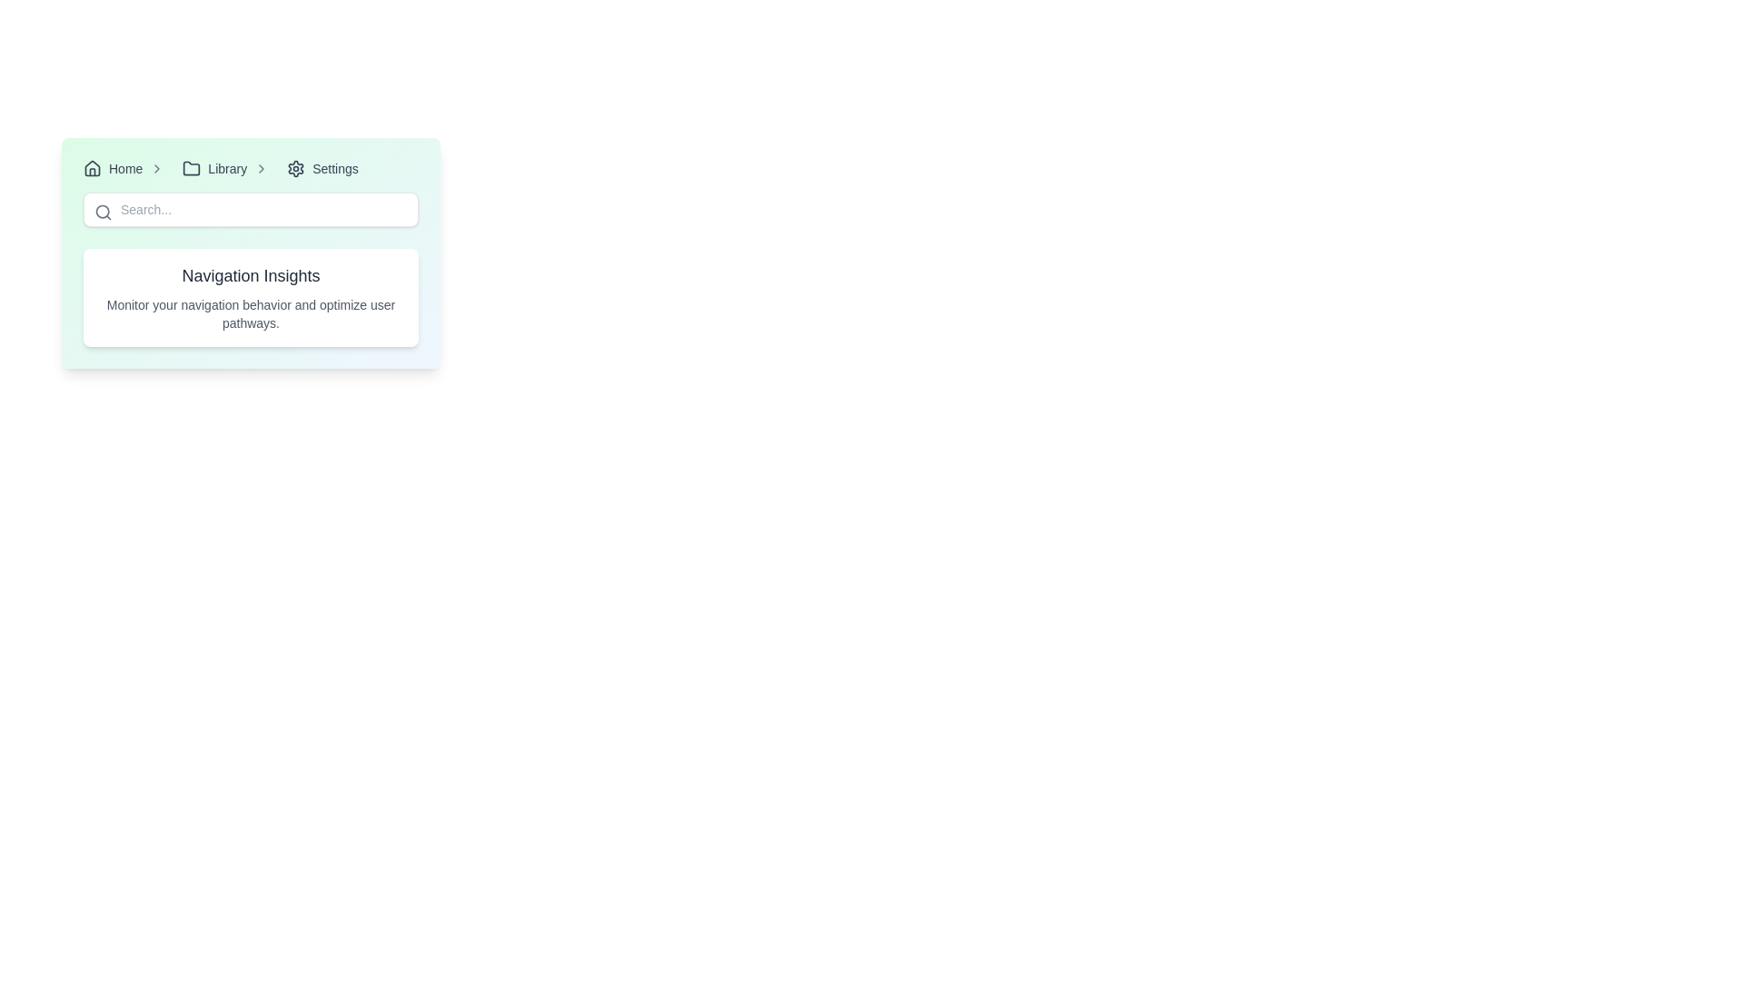 This screenshot has width=1744, height=981. Describe the element at coordinates (296, 168) in the screenshot. I see `the settings icon located in the navigation bar, positioned to the right of the 'Library' breadcrumb and adjacent to the 'Settings' label` at that location.